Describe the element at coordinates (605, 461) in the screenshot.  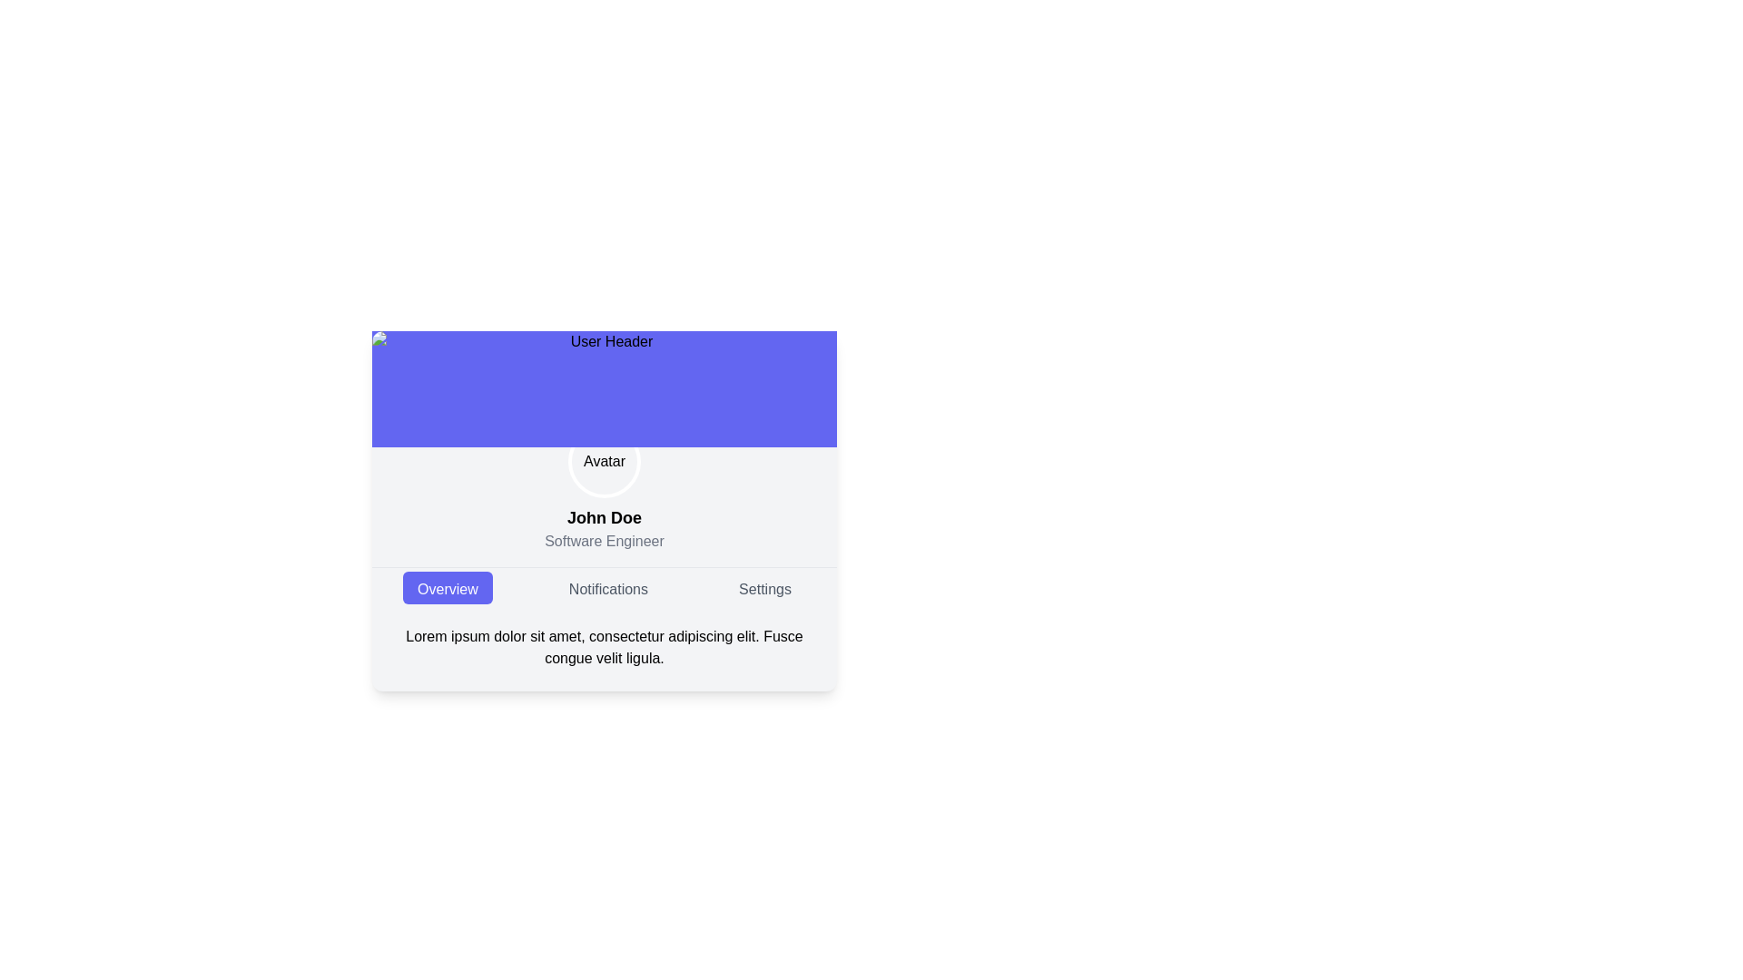
I see `the circular user avatar image with a white border, located above the user's name 'John Doe' and title 'Software Engineer'` at that location.